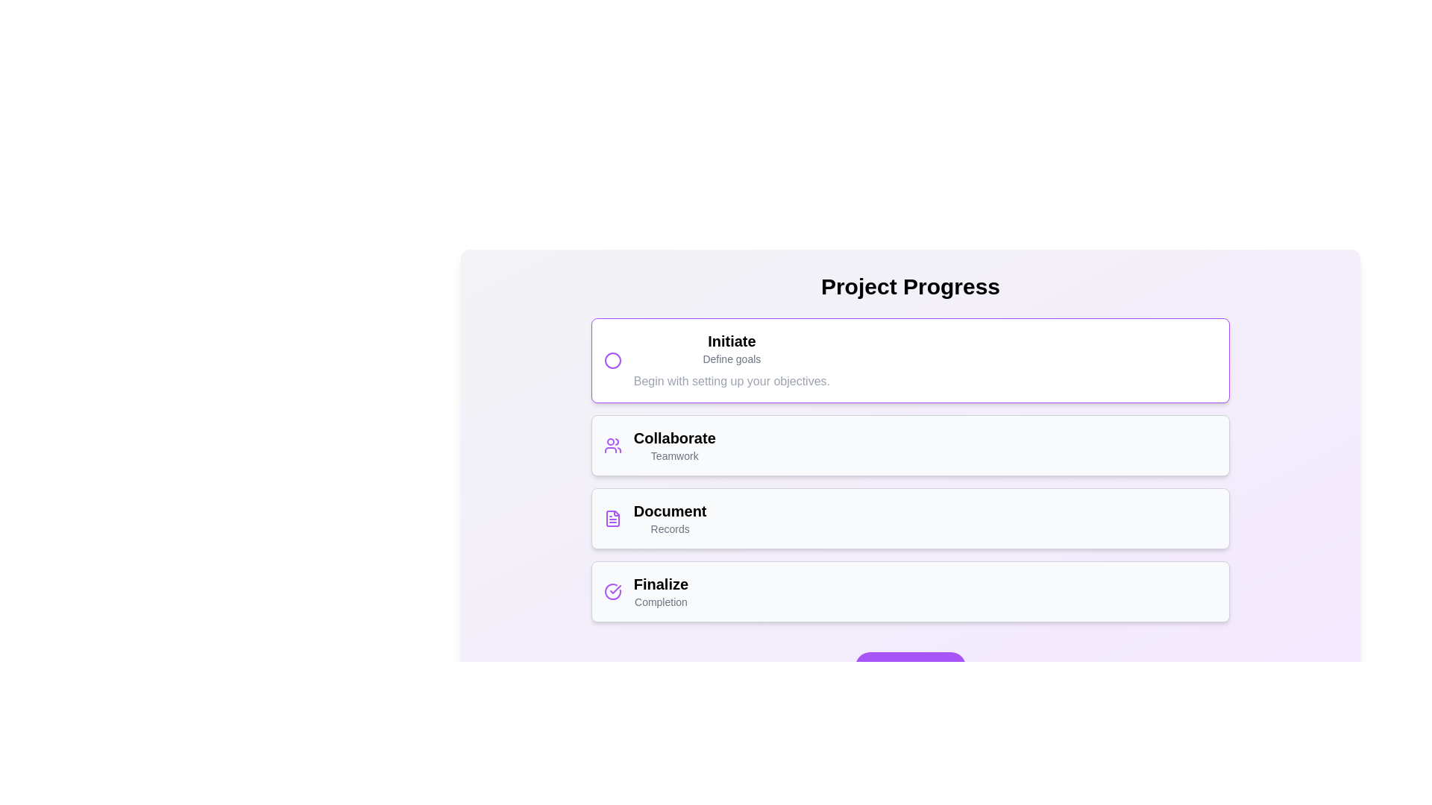 The image size is (1432, 805). I want to click on the Static Text Label that provides a succinct summary of 'Initiate', positioned between the bold 'Initiate' text and the description text 'Begin with setting up your objectives.', so click(732, 359).